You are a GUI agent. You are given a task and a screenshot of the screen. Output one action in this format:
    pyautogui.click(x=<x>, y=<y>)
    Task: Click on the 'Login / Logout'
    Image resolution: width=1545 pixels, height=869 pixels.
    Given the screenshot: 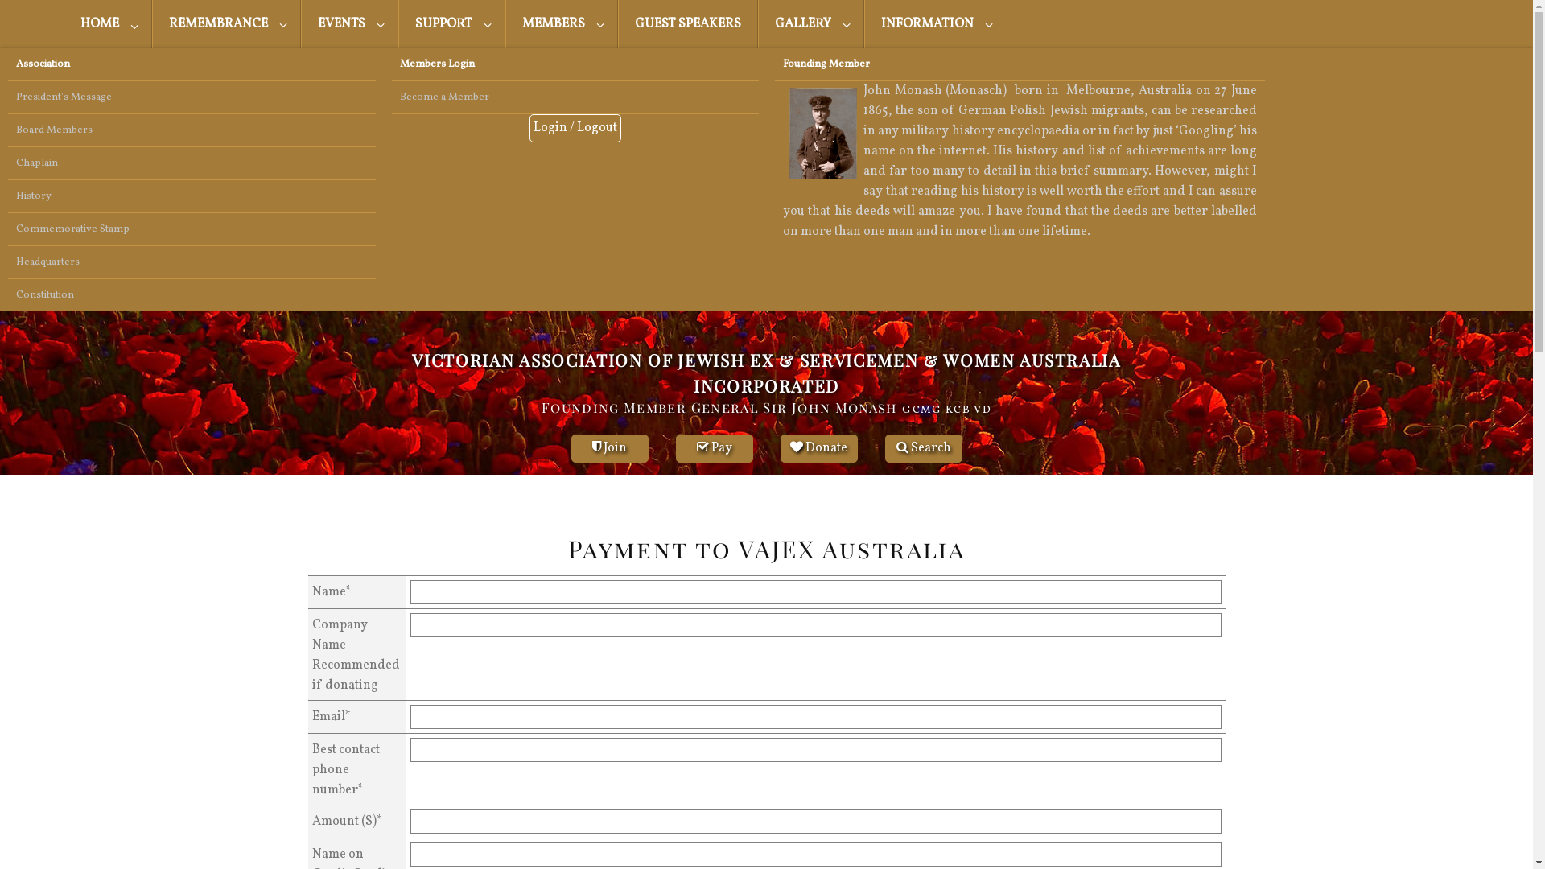 What is the action you would take?
    pyautogui.click(x=575, y=127)
    